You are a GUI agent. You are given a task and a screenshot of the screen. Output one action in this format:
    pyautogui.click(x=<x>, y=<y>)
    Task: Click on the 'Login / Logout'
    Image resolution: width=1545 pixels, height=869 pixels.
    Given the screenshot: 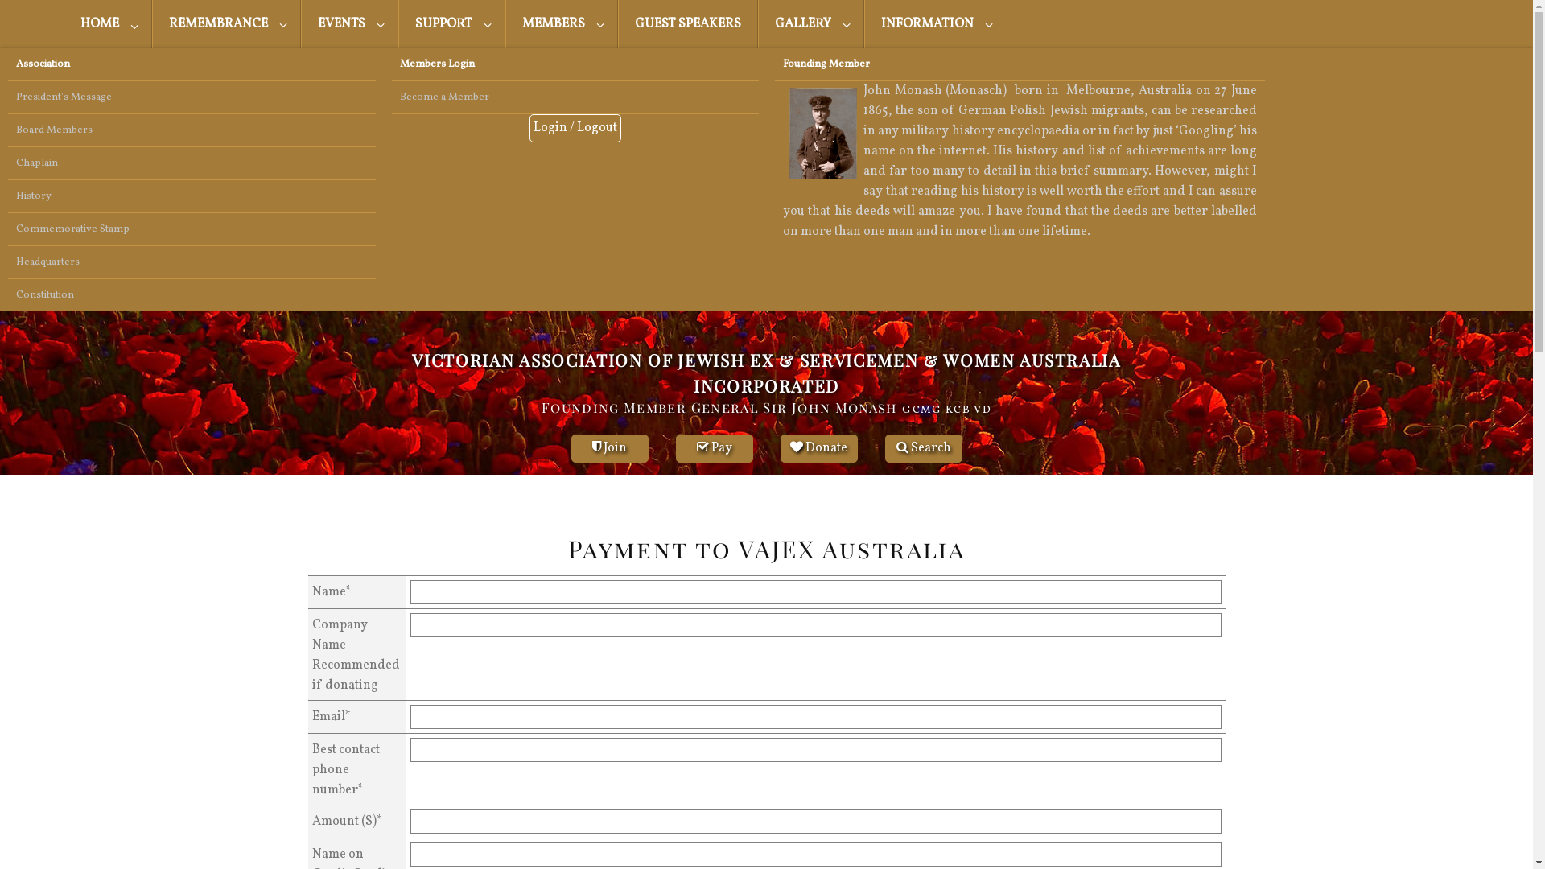 What is the action you would take?
    pyautogui.click(x=575, y=127)
    